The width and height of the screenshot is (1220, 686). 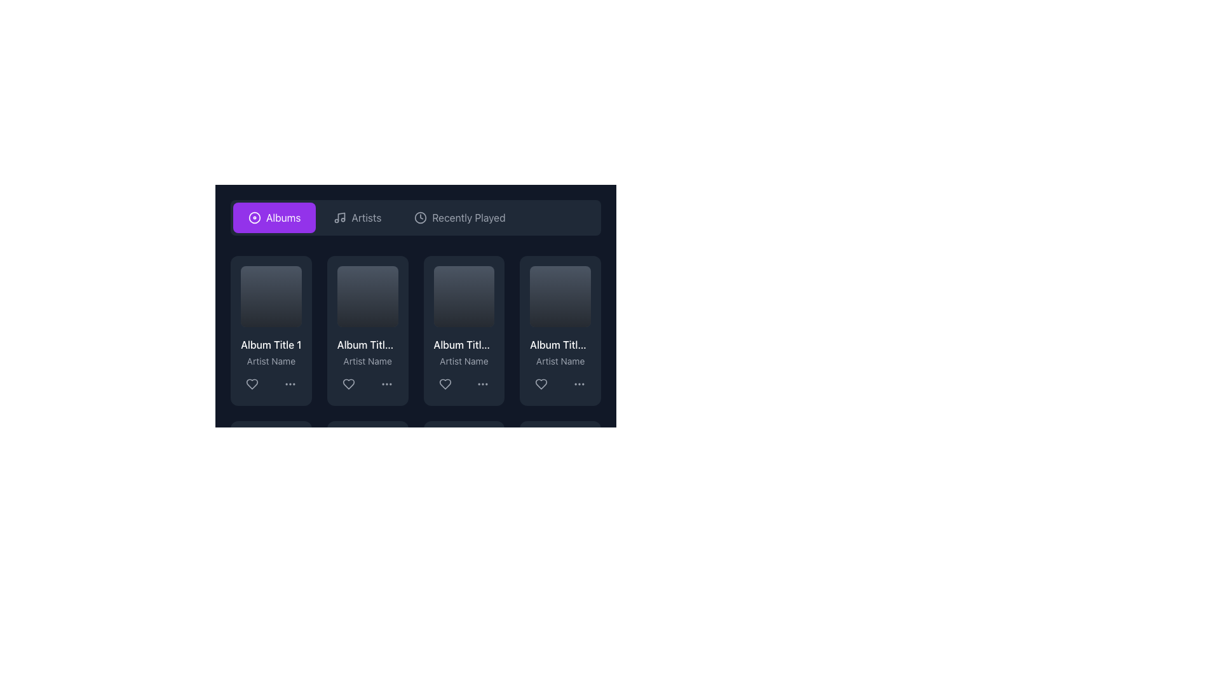 I want to click on the Label element displaying 'Album Title 1', which is styled with a white font color and medium weight, located below the album cover image, so click(x=270, y=344).